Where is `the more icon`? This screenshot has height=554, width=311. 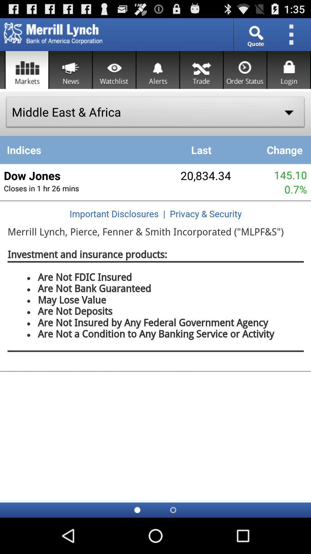 the more icon is located at coordinates (293, 37).